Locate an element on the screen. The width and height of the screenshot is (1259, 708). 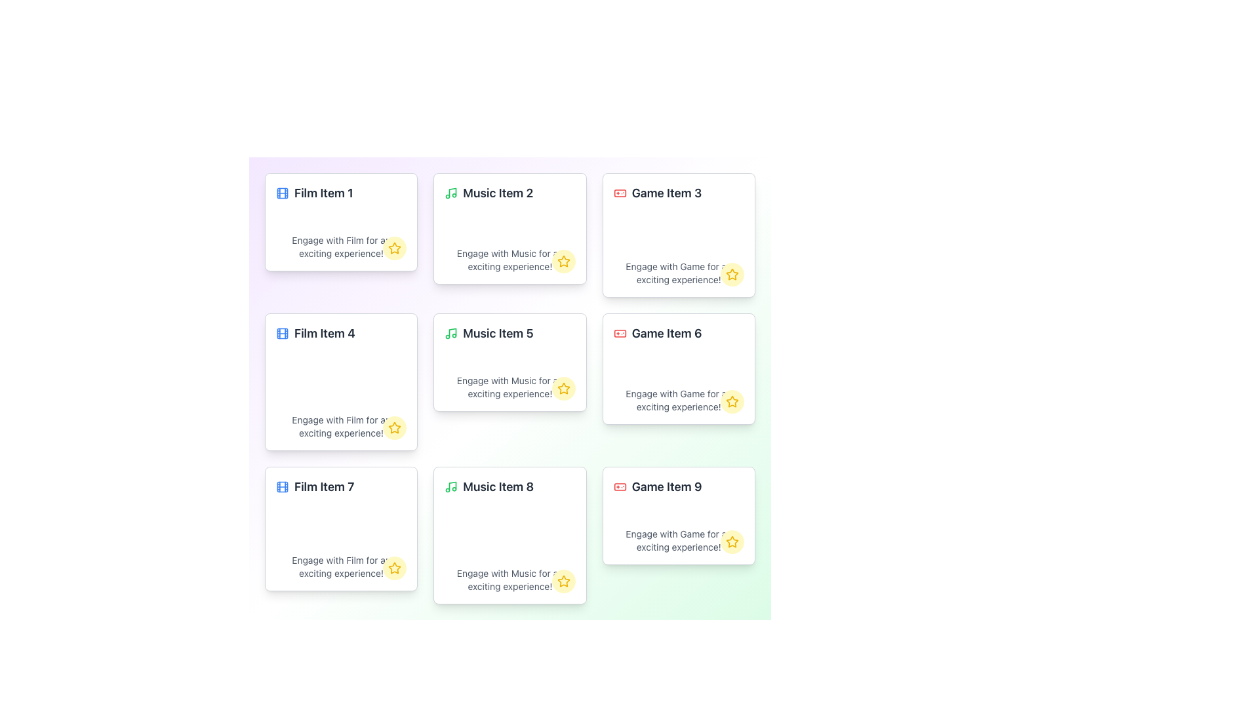
on the 'Music Item 5' card is located at coordinates (509, 362).